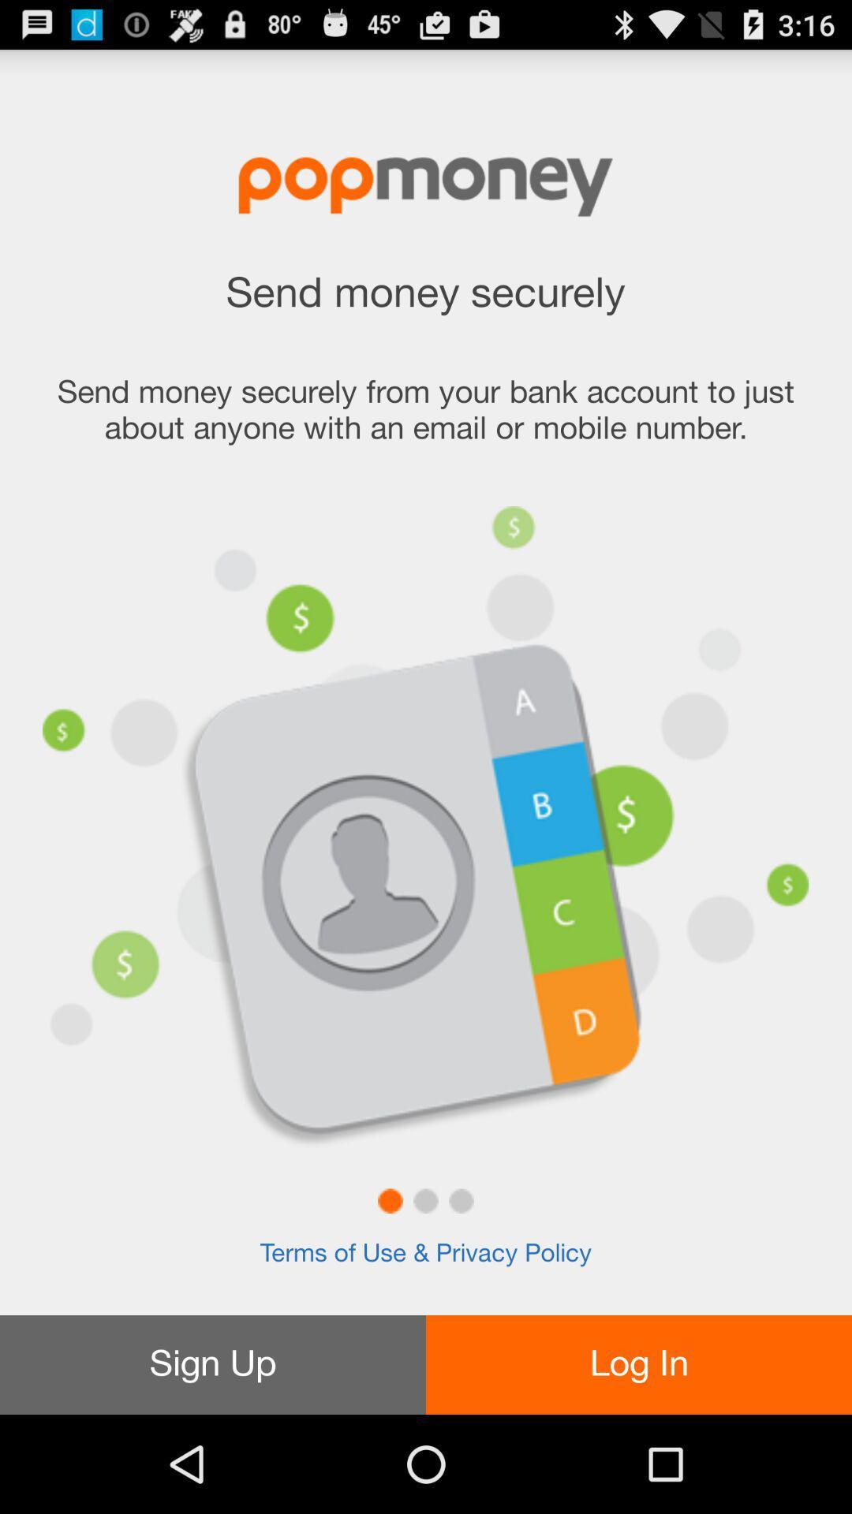 The width and height of the screenshot is (852, 1514). What do you see at coordinates (639, 1364) in the screenshot?
I see `item below terms of use` at bounding box center [639, 1364].